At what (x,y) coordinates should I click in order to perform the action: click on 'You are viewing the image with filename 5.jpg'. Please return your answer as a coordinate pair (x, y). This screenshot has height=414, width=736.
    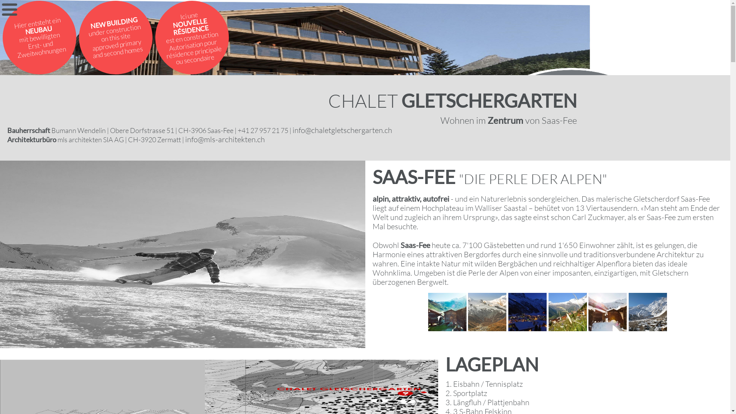
    Looking at the image, I should click on (607, 312).